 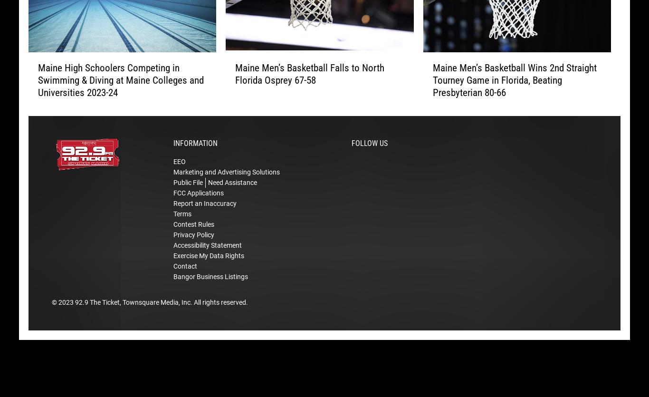 I want to click on 'Marketing and Advertising Solutions', so click(x=227, y=187).